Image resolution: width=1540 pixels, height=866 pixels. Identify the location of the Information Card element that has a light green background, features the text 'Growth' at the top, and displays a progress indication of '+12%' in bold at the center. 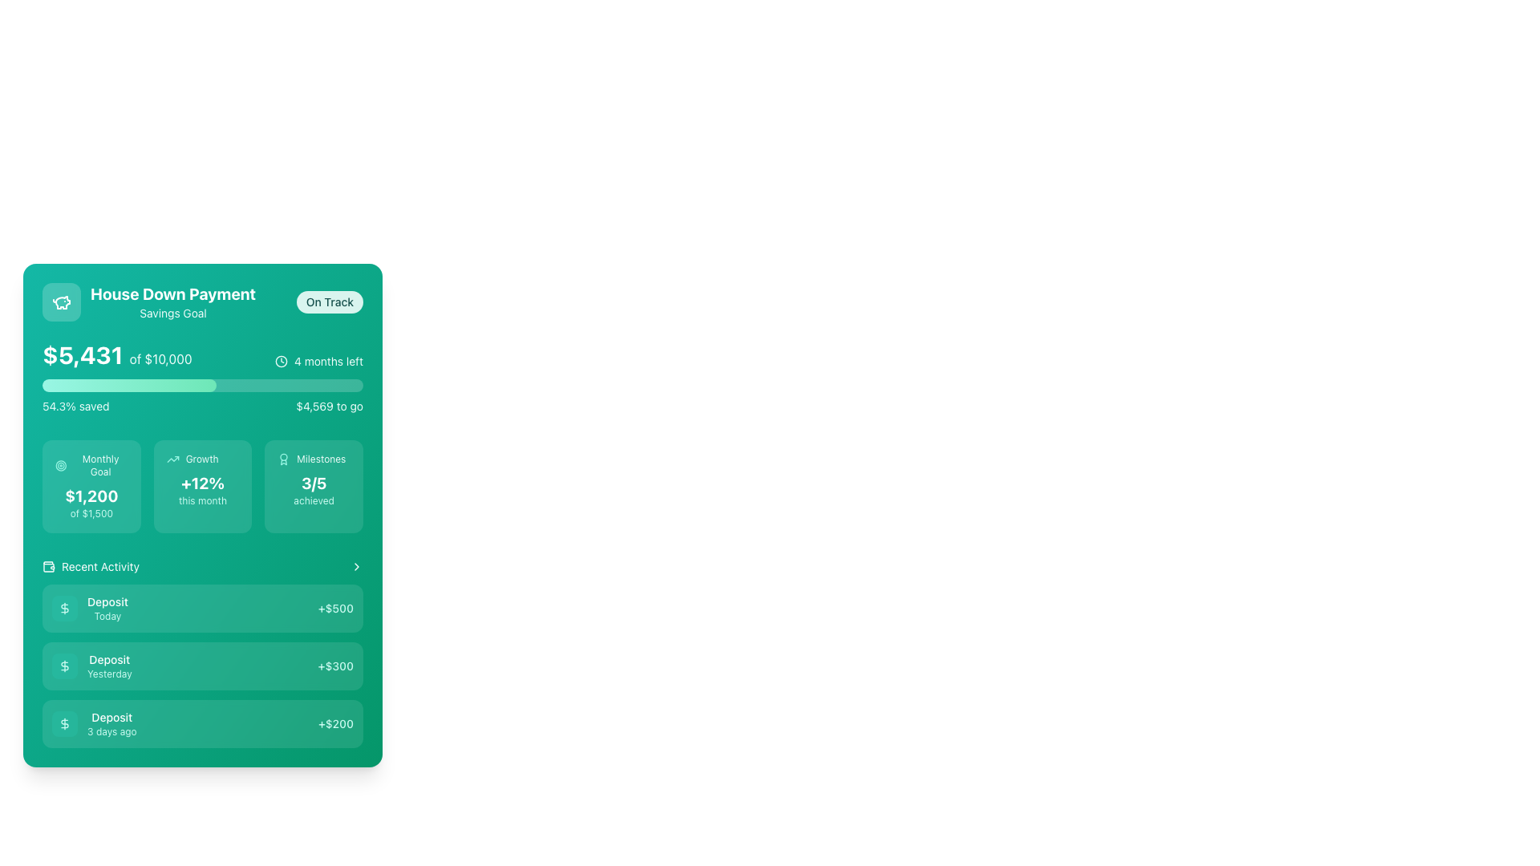
(202, 485).